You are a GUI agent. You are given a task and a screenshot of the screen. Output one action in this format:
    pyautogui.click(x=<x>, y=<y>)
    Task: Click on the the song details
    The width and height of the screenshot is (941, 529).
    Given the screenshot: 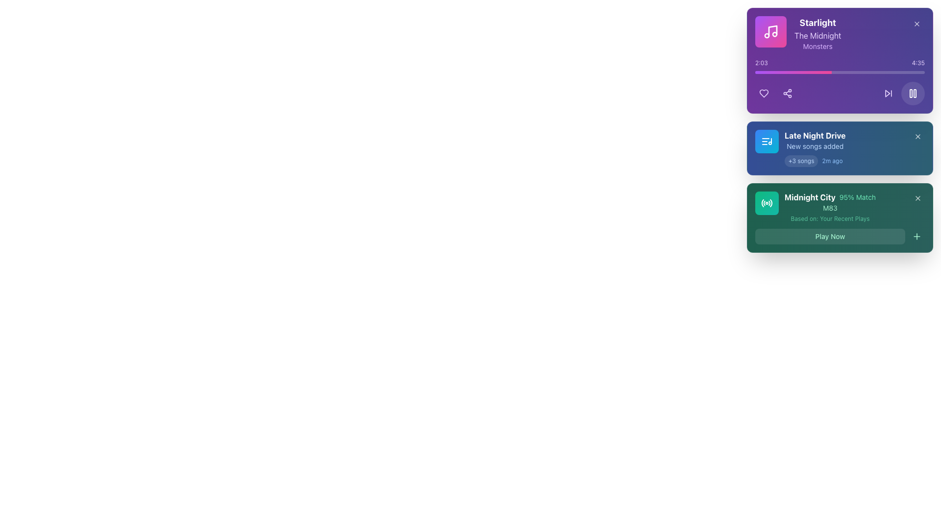 What is the action you would take?
    pyautogui.click(x=798, y=33)
    